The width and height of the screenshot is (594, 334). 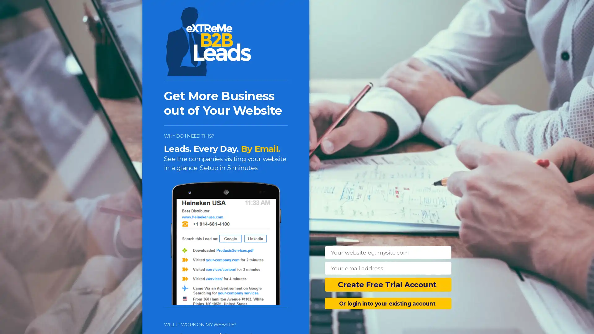 What do you see at coordinates (388, 285) in the screenshot?
I see `Create Free Trial Account` at bounding box center [388, 285].